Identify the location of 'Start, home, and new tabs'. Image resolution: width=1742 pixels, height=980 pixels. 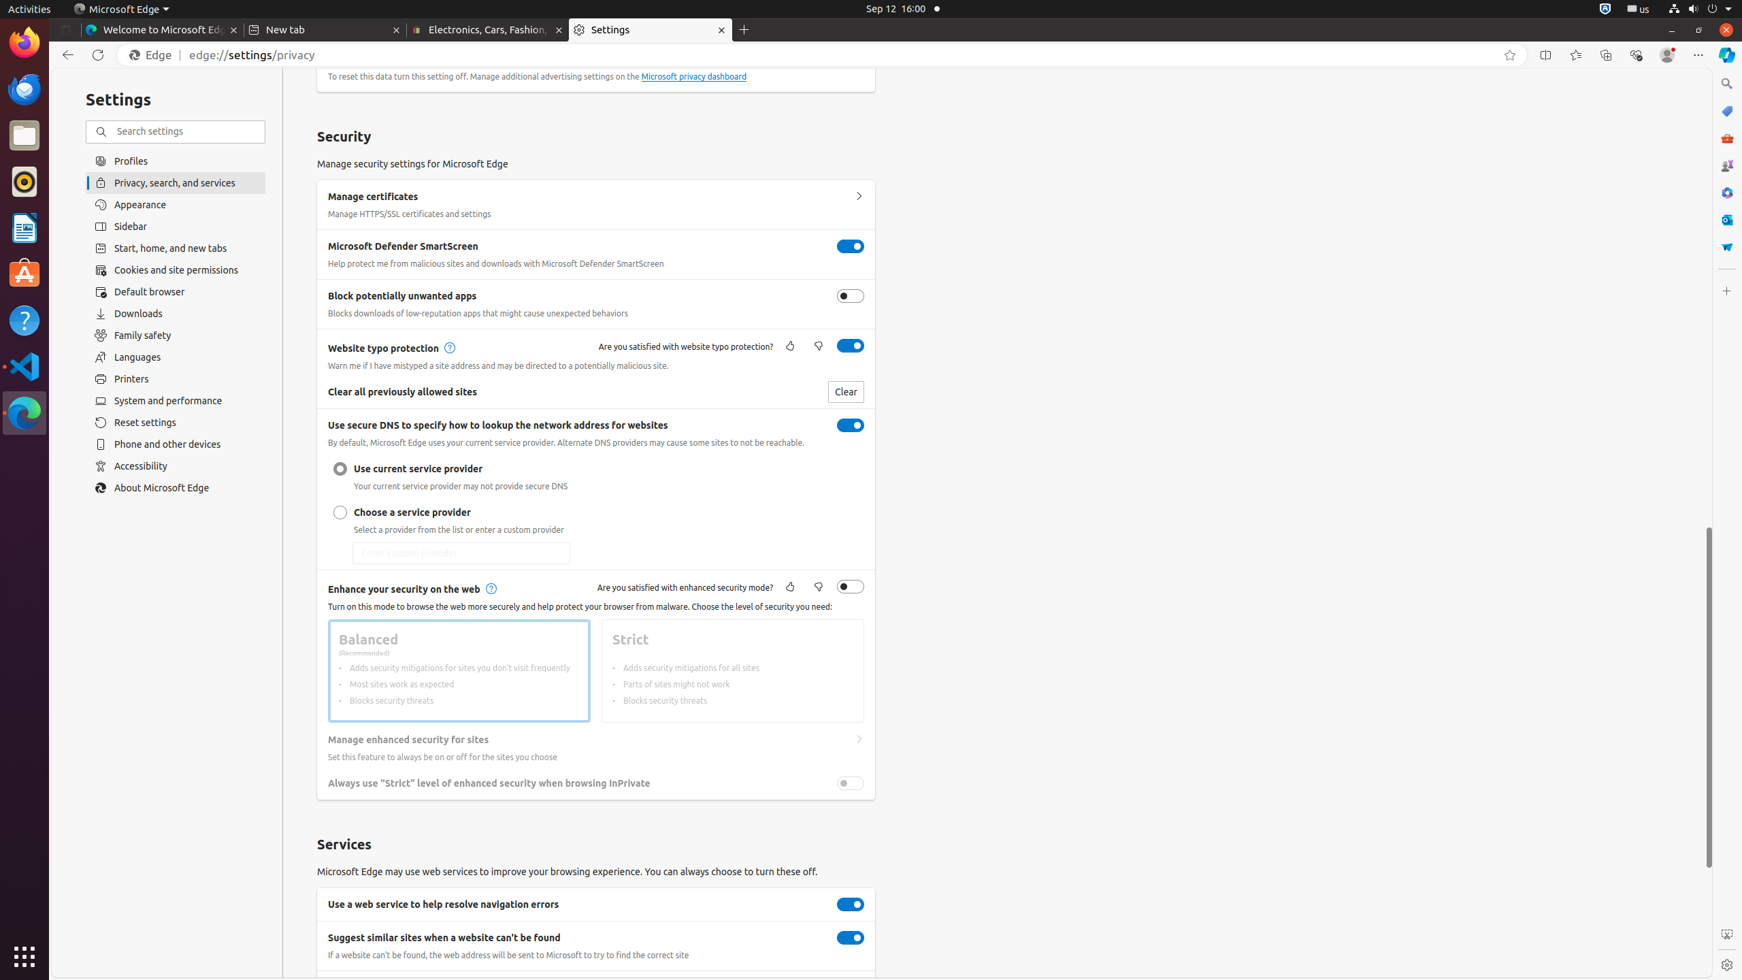
(175, 248).